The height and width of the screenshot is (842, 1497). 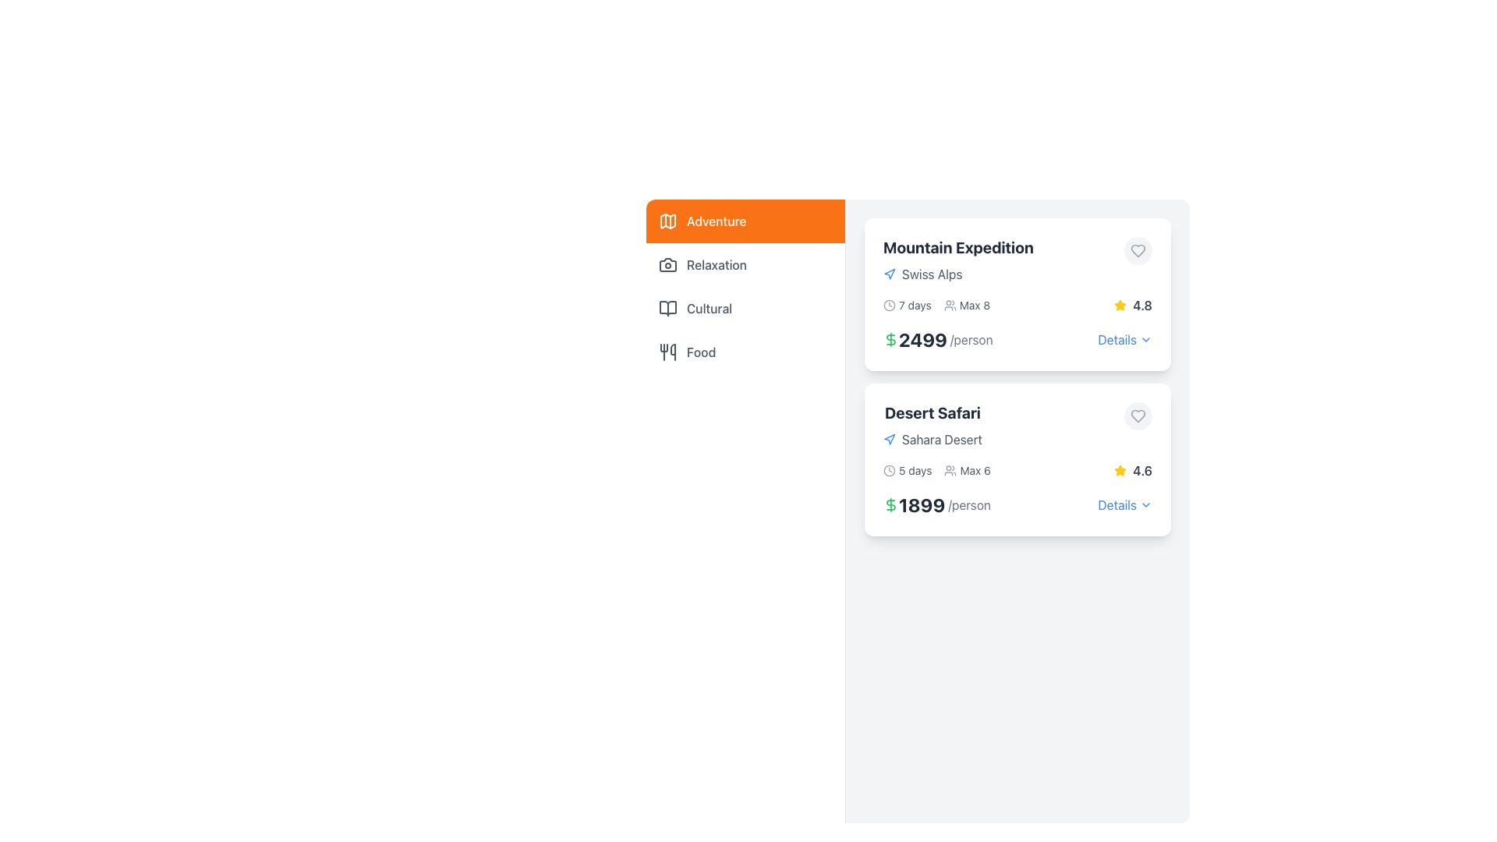 What do you see at coordinates (700, 352) in the screenshot?
I see `the text label in the vertical navigation menu that allows users` at bounding box center [700, 352].